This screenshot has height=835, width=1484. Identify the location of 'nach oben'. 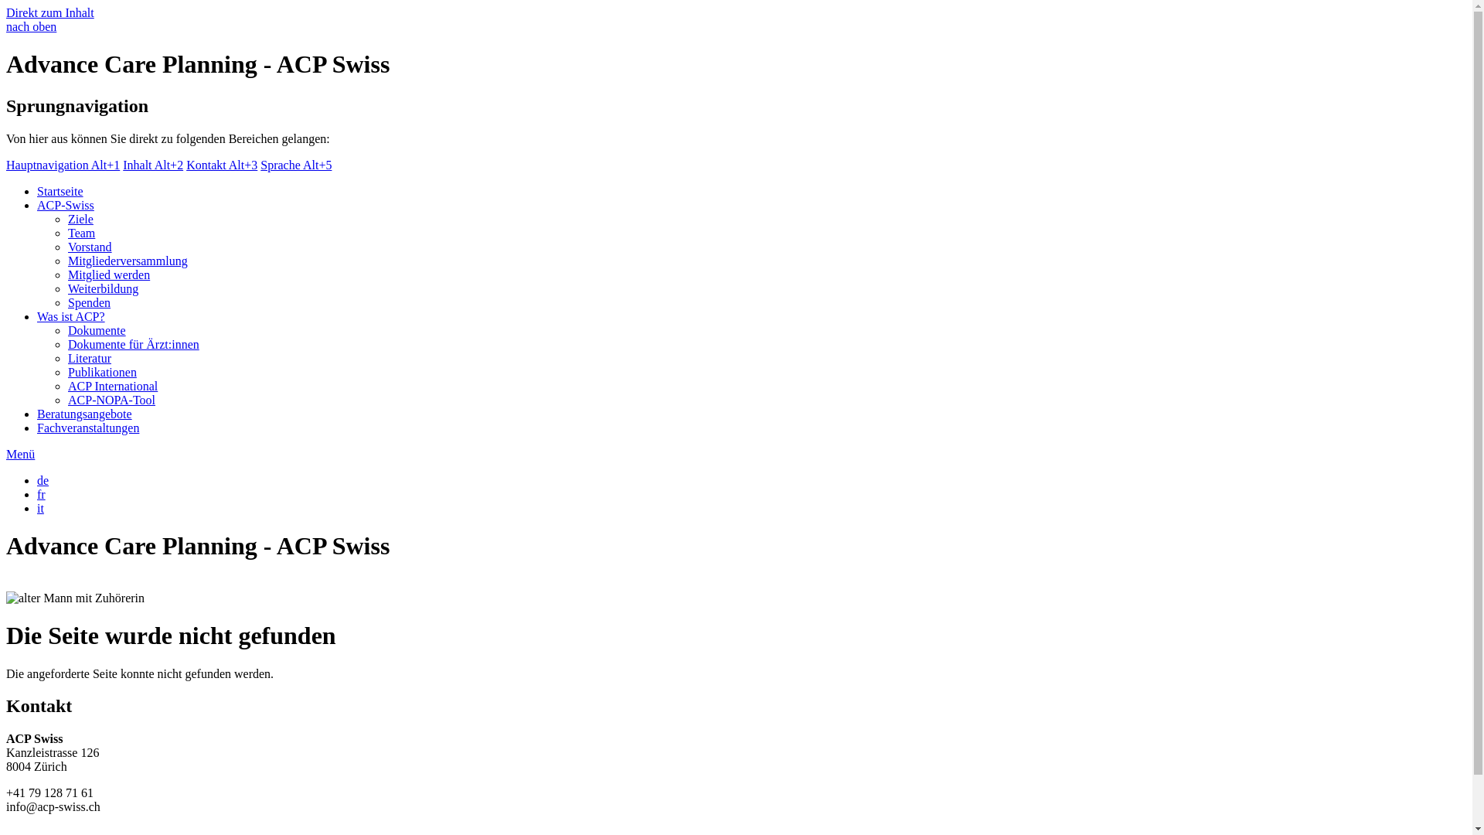
(31, 26).